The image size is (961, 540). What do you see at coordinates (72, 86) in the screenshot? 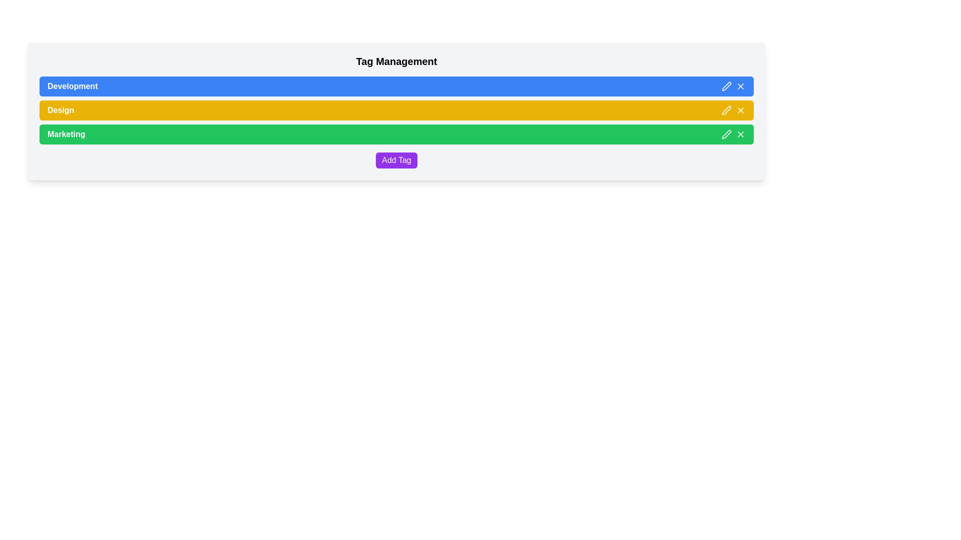
I see `the text label displaying 'Development' which has white text on a blue background, indicating its importance in the interface` at bounding box center [72, 86].